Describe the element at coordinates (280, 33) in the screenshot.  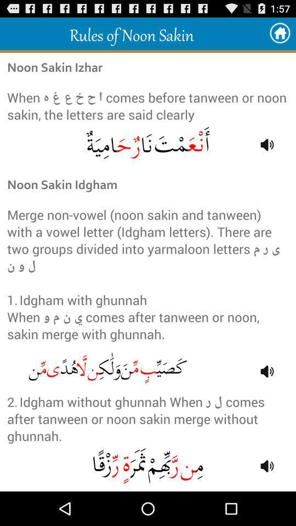
I see `the app to the right of rules of noon icon` at that location.